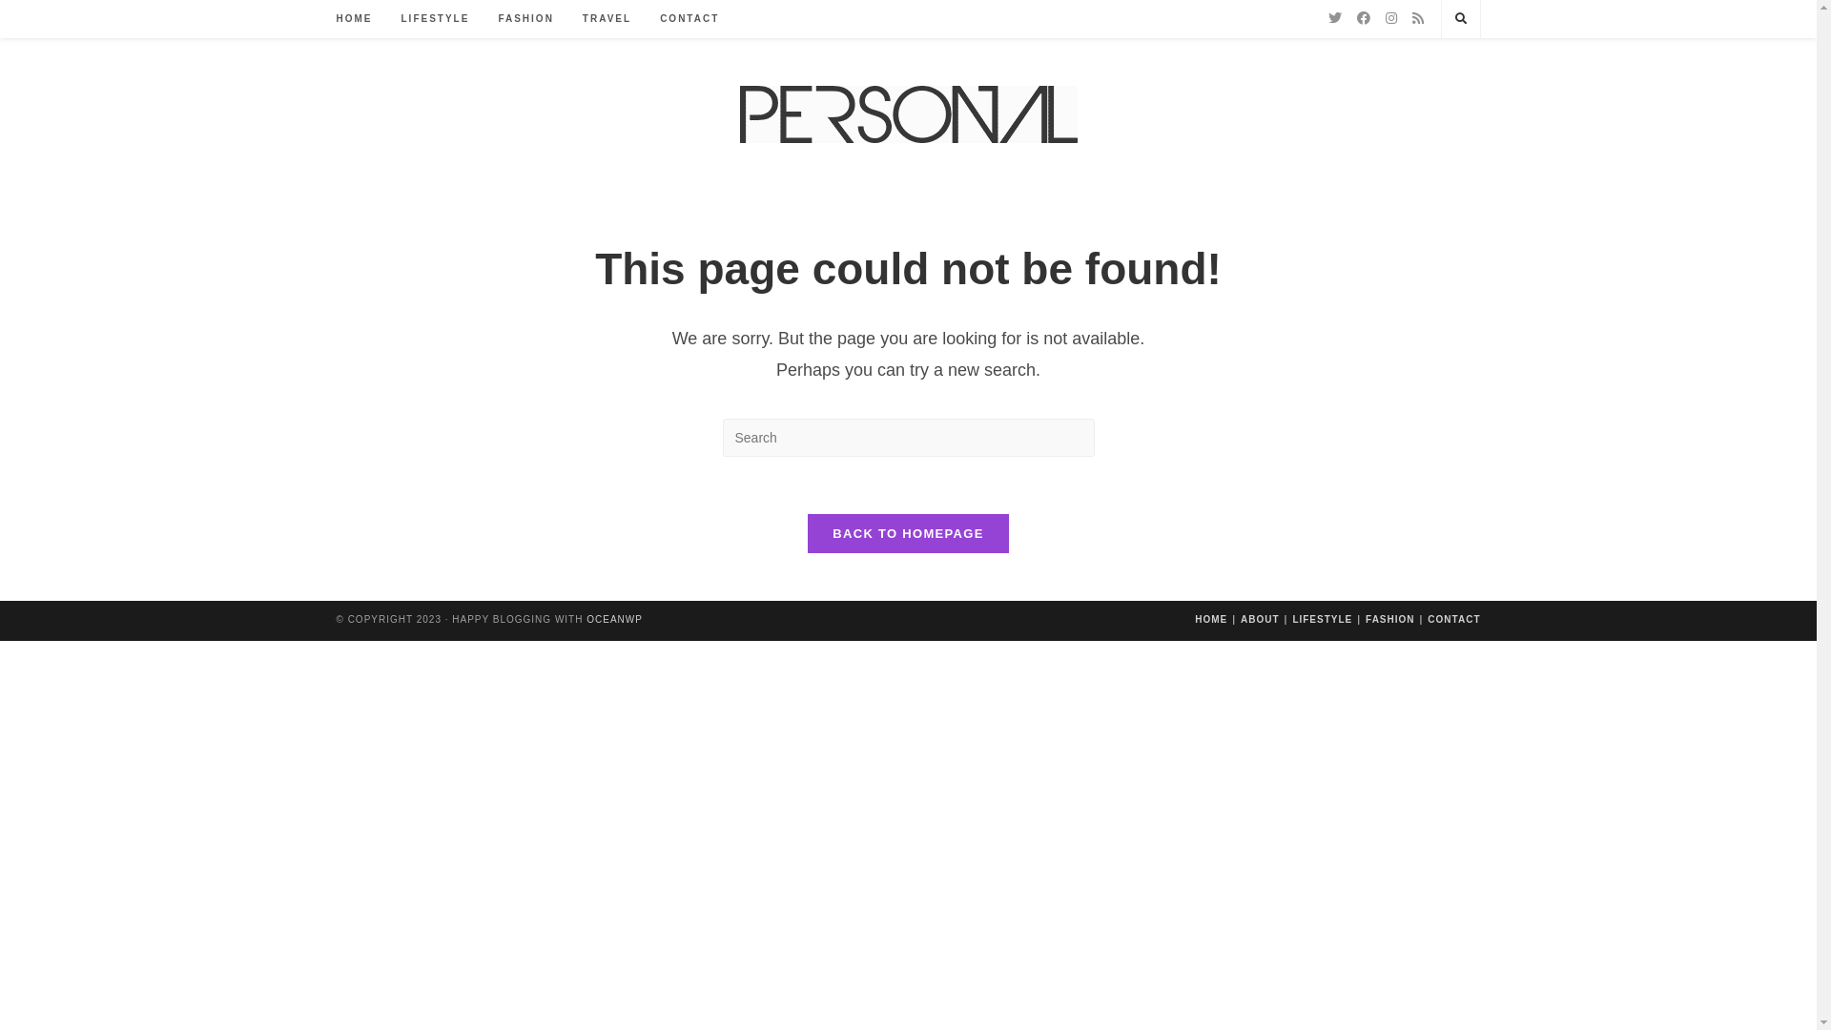 Image resolution: width=1831 pixels, height=1030 pixels. I want to click on 'LIFESTYLE', so click(1321, 619).